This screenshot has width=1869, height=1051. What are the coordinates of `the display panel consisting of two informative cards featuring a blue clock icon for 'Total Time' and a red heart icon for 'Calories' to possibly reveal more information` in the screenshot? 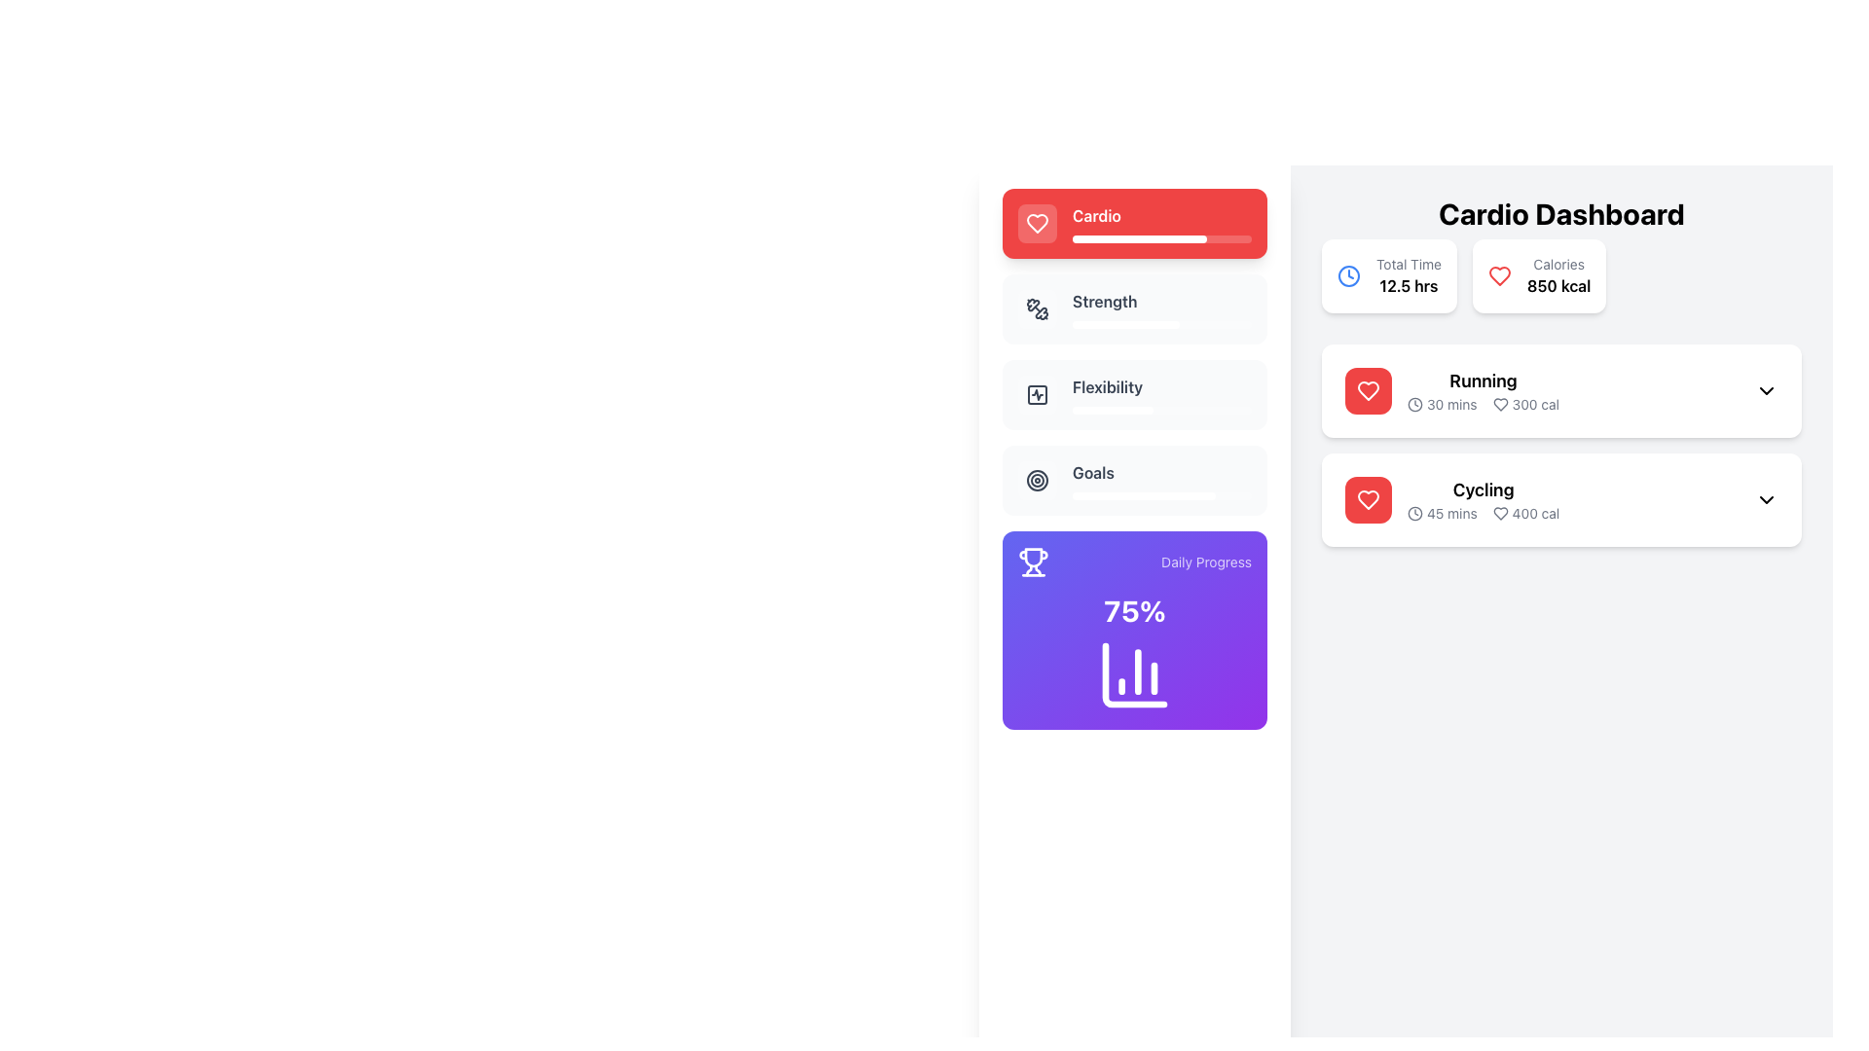 It's located at (1561, 254).